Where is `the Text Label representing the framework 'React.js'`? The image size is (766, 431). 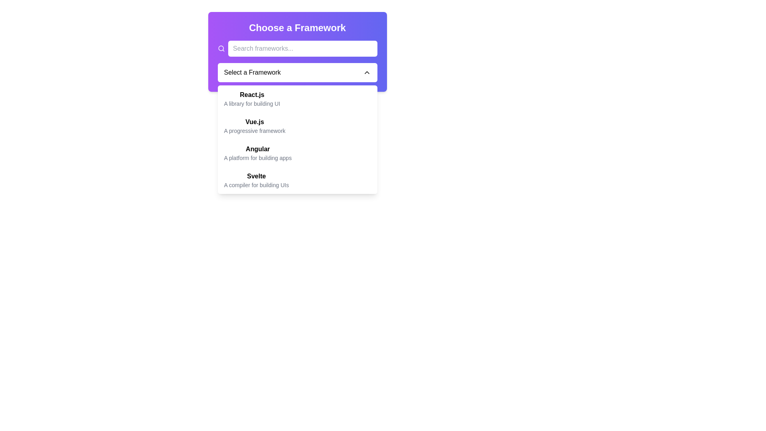
the Text Label representing the framework 'React.js' is located at coordinates (251, 94).